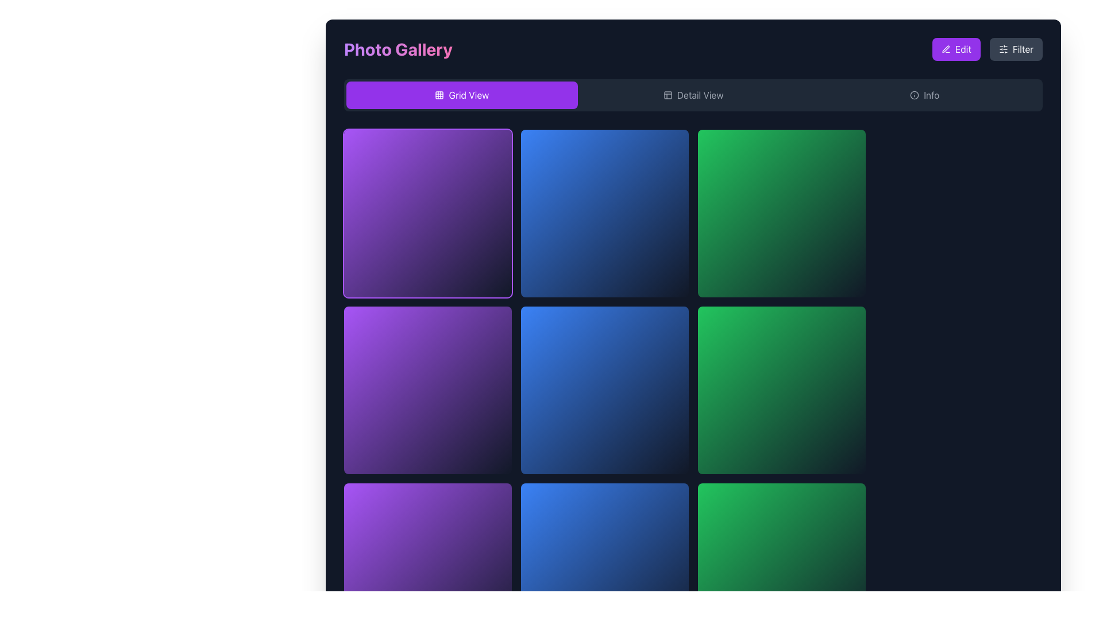  I want to click on the 'Grid View' button, which is a vibrant purple rectangular button with a white grid icon and white bold text, located at the top of the photo gallery interface, so click(462, 94).